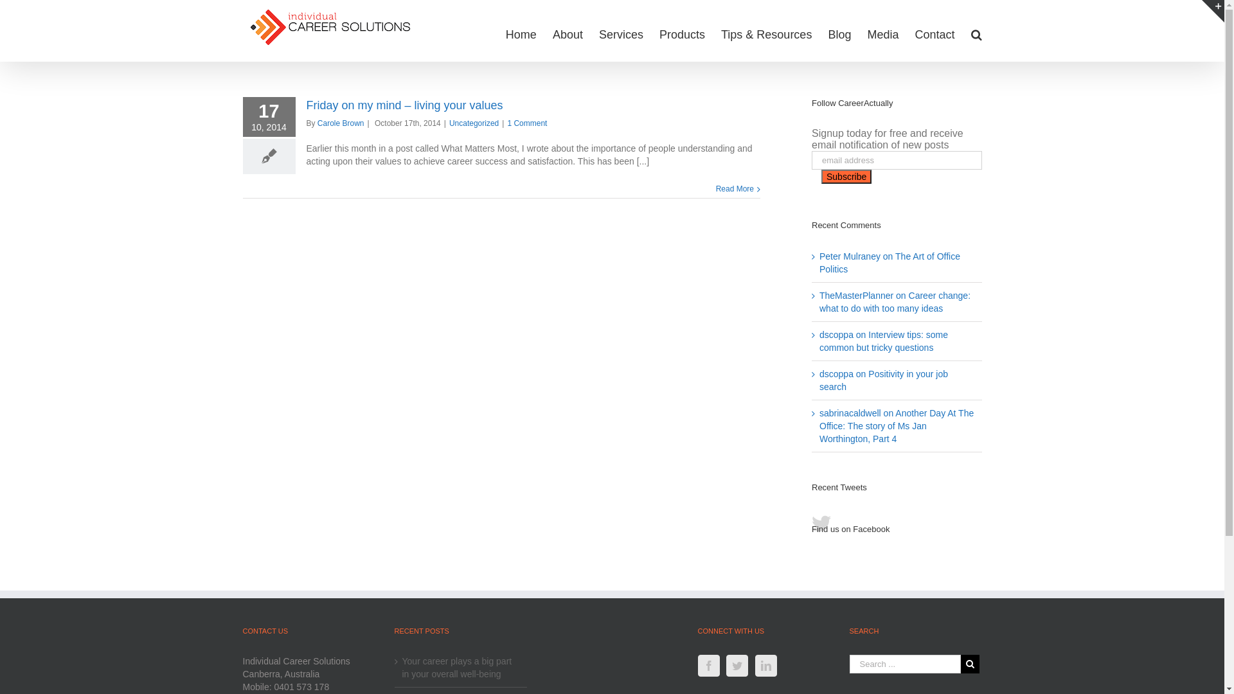 This screenshot has width=1234, height=694. I want to click on 'Uncategorized', so click(473, 123).